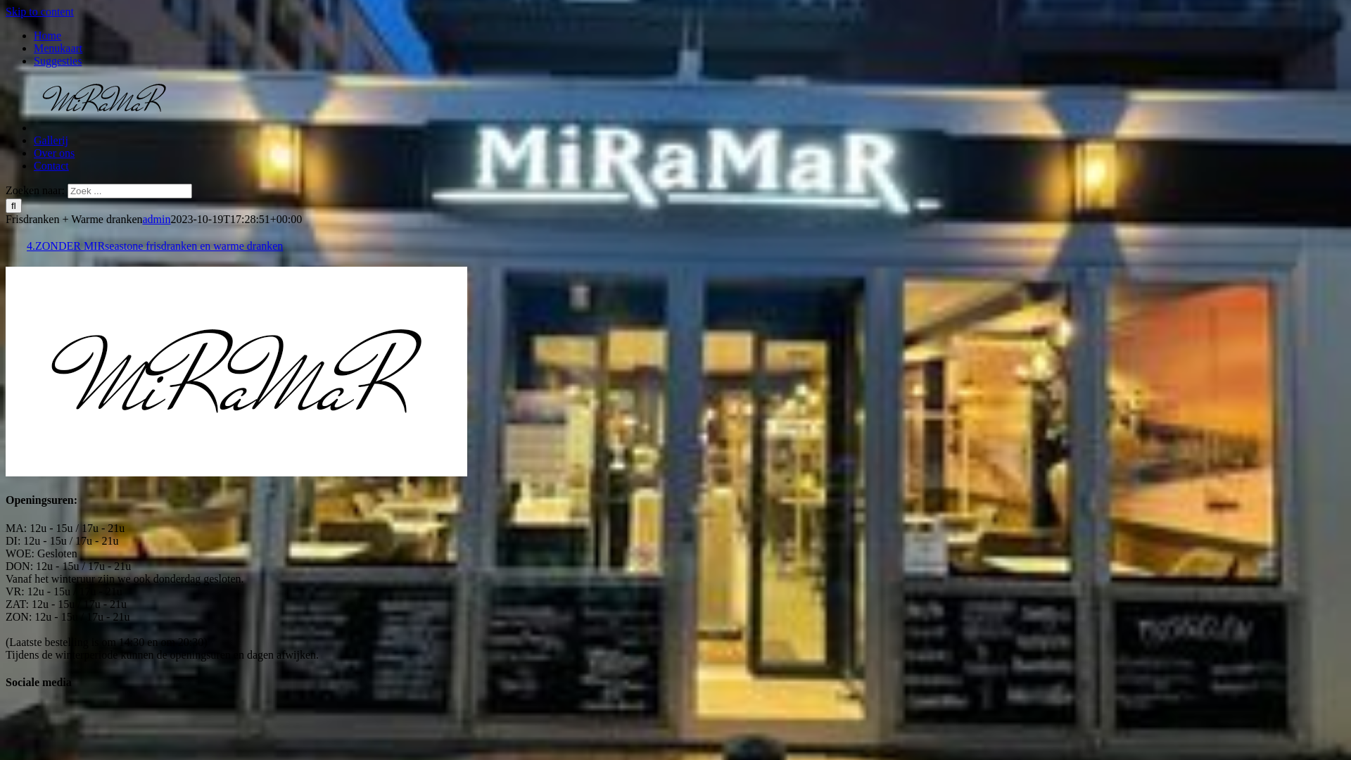  Describe the element at coordinates (156, 219) in the screenshot. I see `'admin'` at that location.